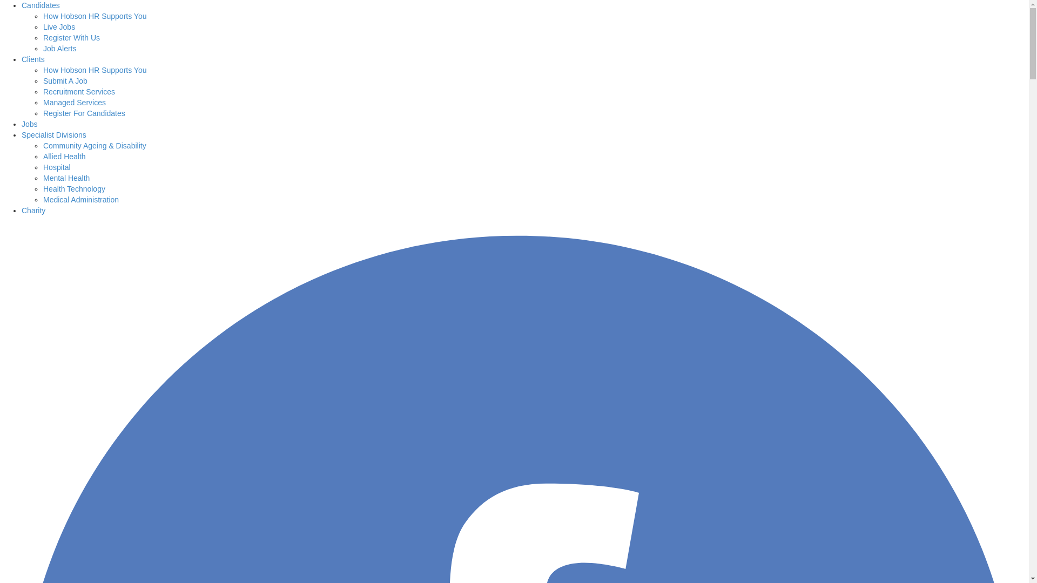  Describe the element at coordinates (53, 134) in the screenshot. I see `'Specialist Divisions'` at that location.